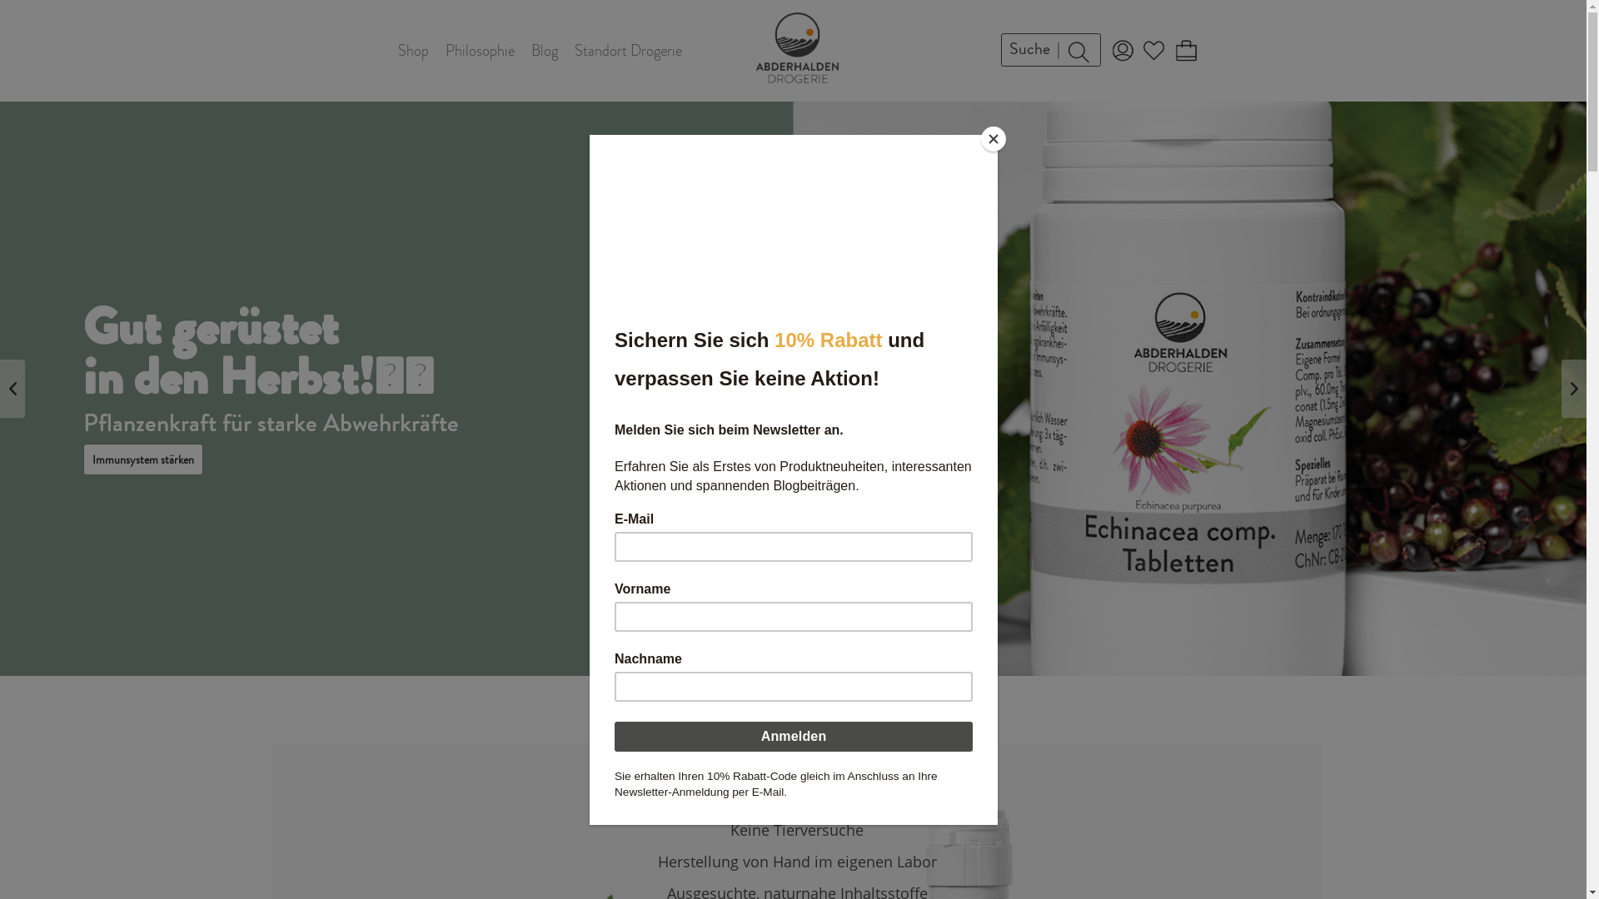  What do you see at coordinates (1153, 49) in the screenshot?
I see `'Merkzettel'` at bounding box center [1153, 49].